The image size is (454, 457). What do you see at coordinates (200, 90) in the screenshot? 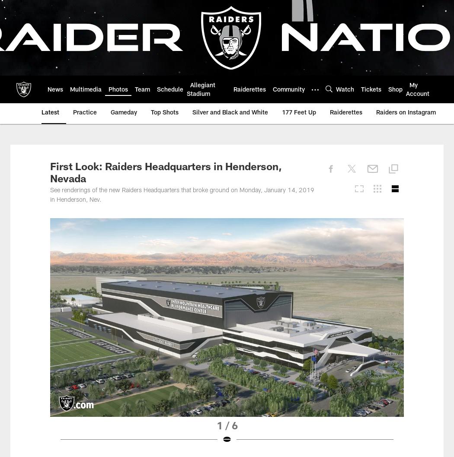
I see `'Allegiant Stadium'` at bounding box center [200, 90].